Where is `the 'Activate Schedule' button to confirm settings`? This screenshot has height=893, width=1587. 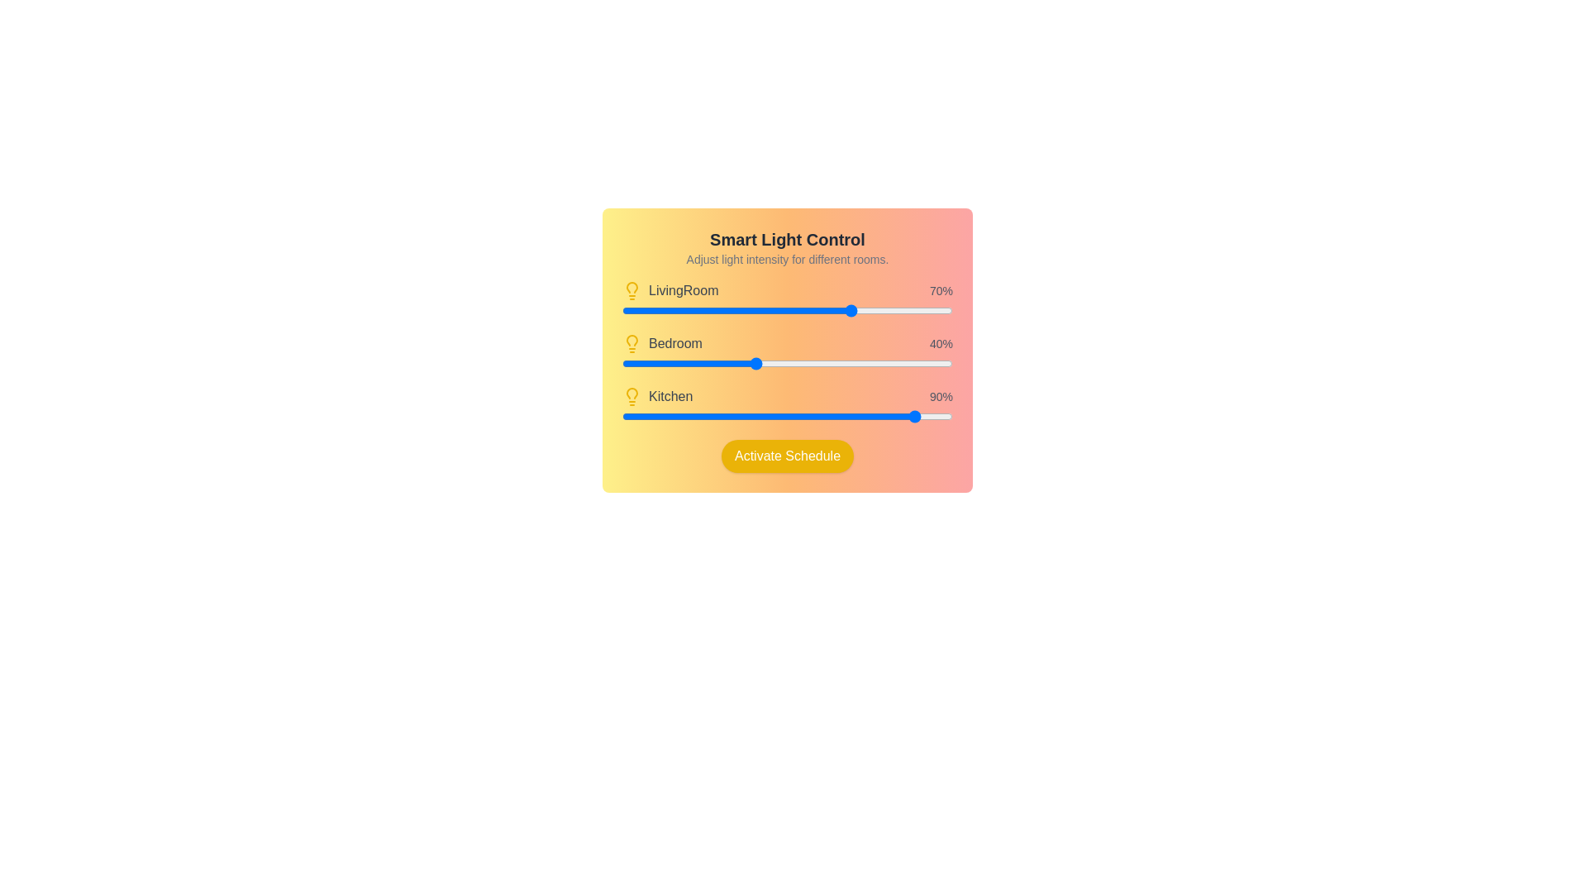 the 'Activate Schedule' button to confirm settings is located at coordinates (786, 456).